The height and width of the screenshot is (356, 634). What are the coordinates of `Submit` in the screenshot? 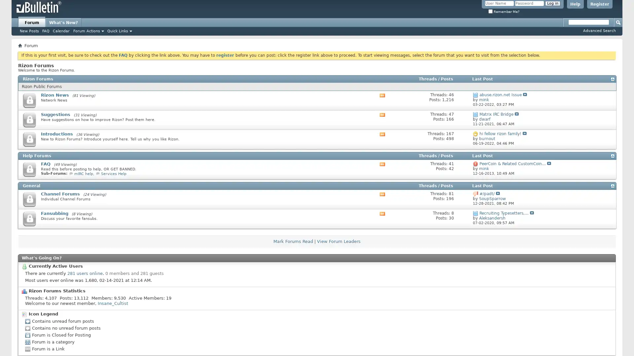 It's located at (618, 21).